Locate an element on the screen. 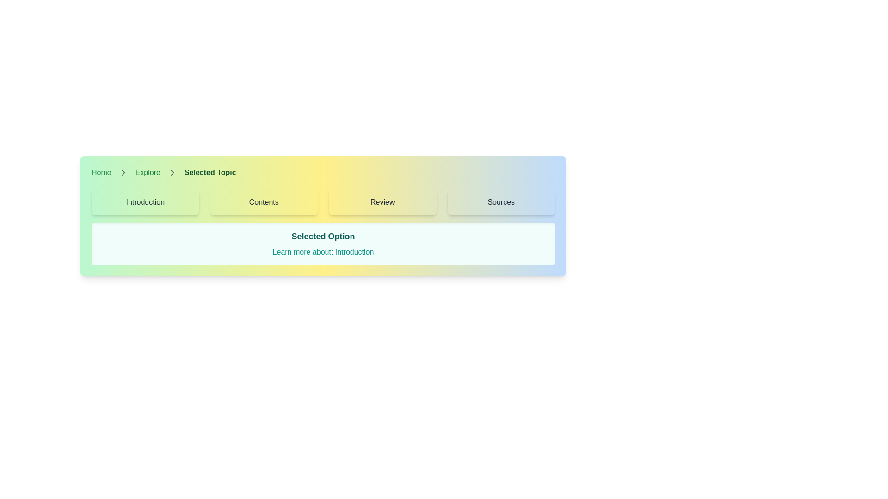 The height and width of the screenshot is (499, 888). the Text Label that indicates the currently selected topic in the breadcrumb navigation, which is the third item following 'Home' and 'Explore' is located at coordinates (210, 173).